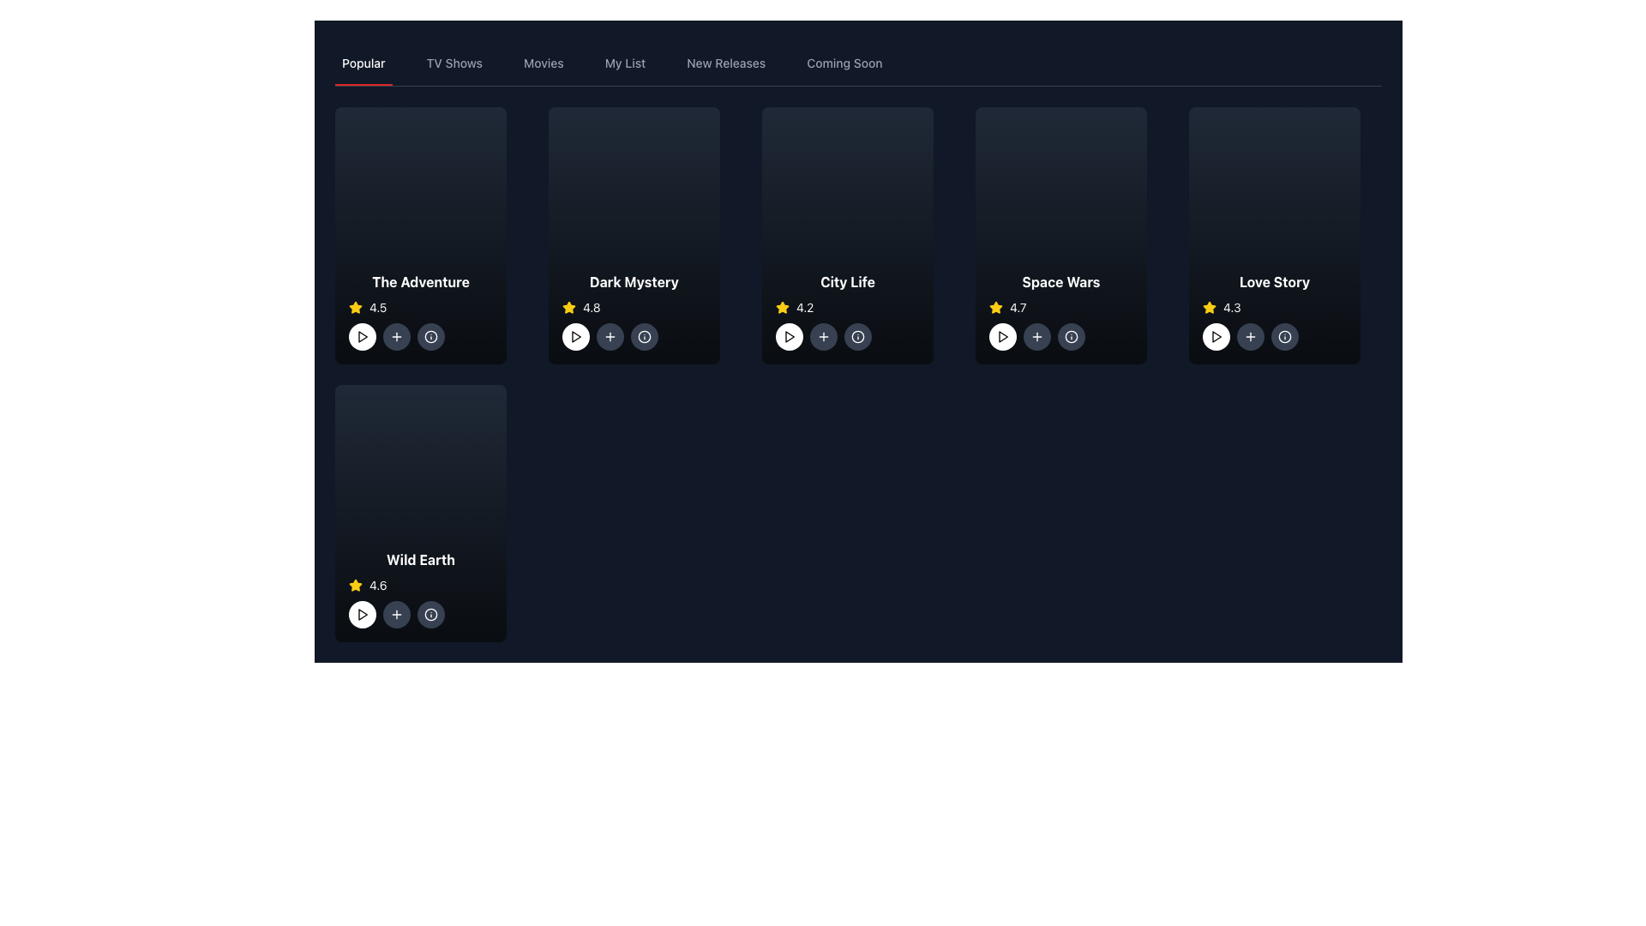  Describe the element at coordinates (847, 337) in the screenshot. I see `the informational icon button located below the 'City Life' card in the third column of the top row` at that location.